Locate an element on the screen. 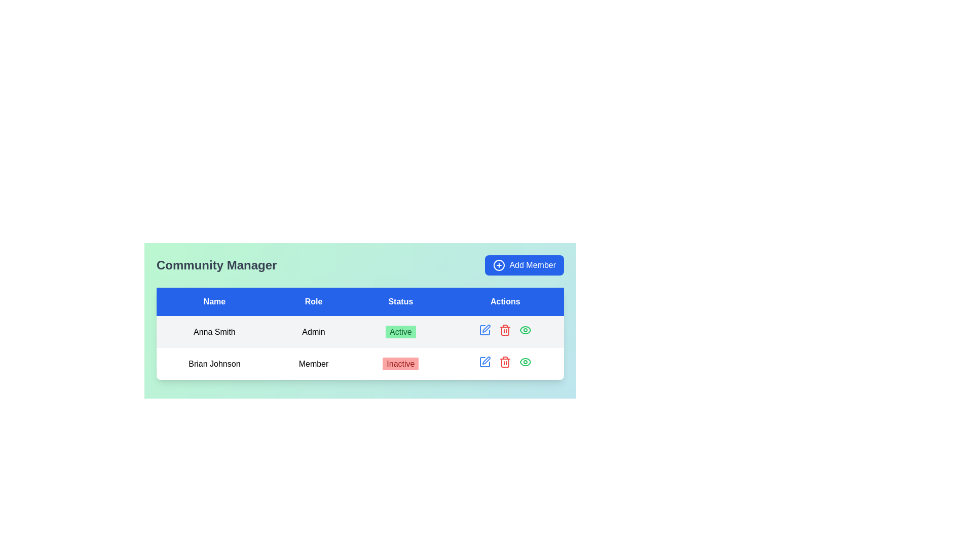 This screenshot has width=973, height=547. the status represented by the small rectangular label with a red background and the text 'Inactive' in bold red font, located in the 'Status' column of the second row in the table for the user 'Brian Johnson' is located at coordinates (400, 363).